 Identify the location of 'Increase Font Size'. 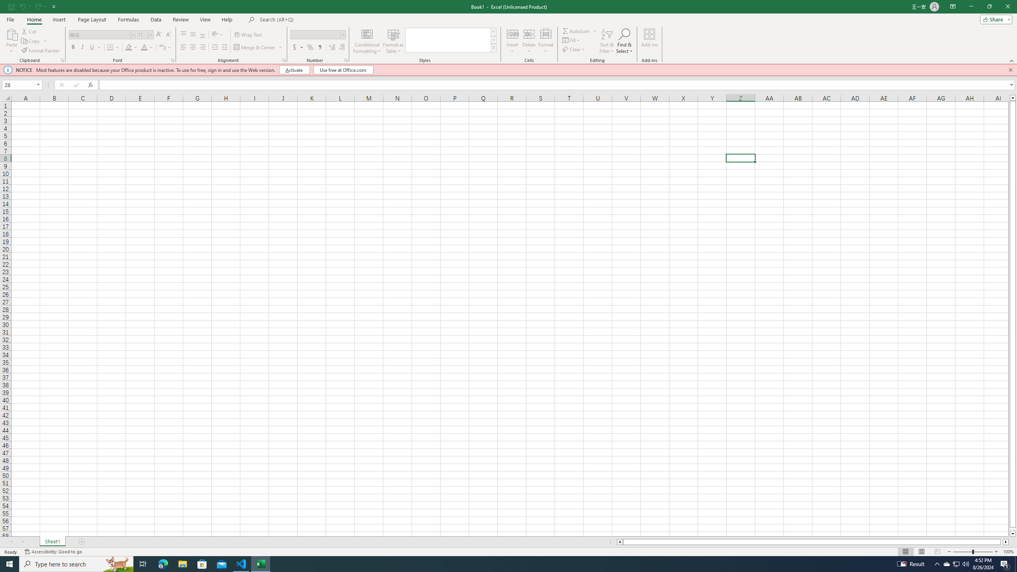
(159, 35).